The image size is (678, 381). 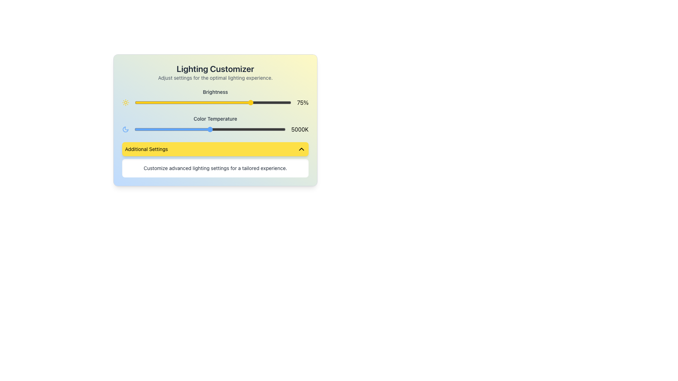 What do you see at coordinates (215, 168) in the screenshot?
I see `the static text element displaying 'Customize advanced lighting settings for a tailored experience.' which is located below the yellow 'Additional Settings' button in the 'Lighting Customizer' interface` at bounding box center [215, 168].